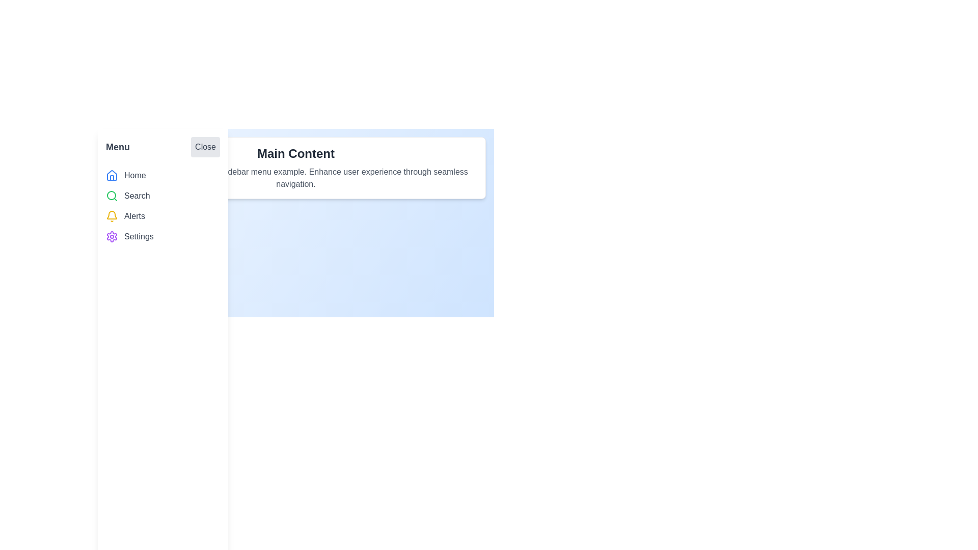  What do you see at coordinates (112, 174) in the screenshot?
I see `the house icon in the sidebar menu` at bounding box center [112, 174].